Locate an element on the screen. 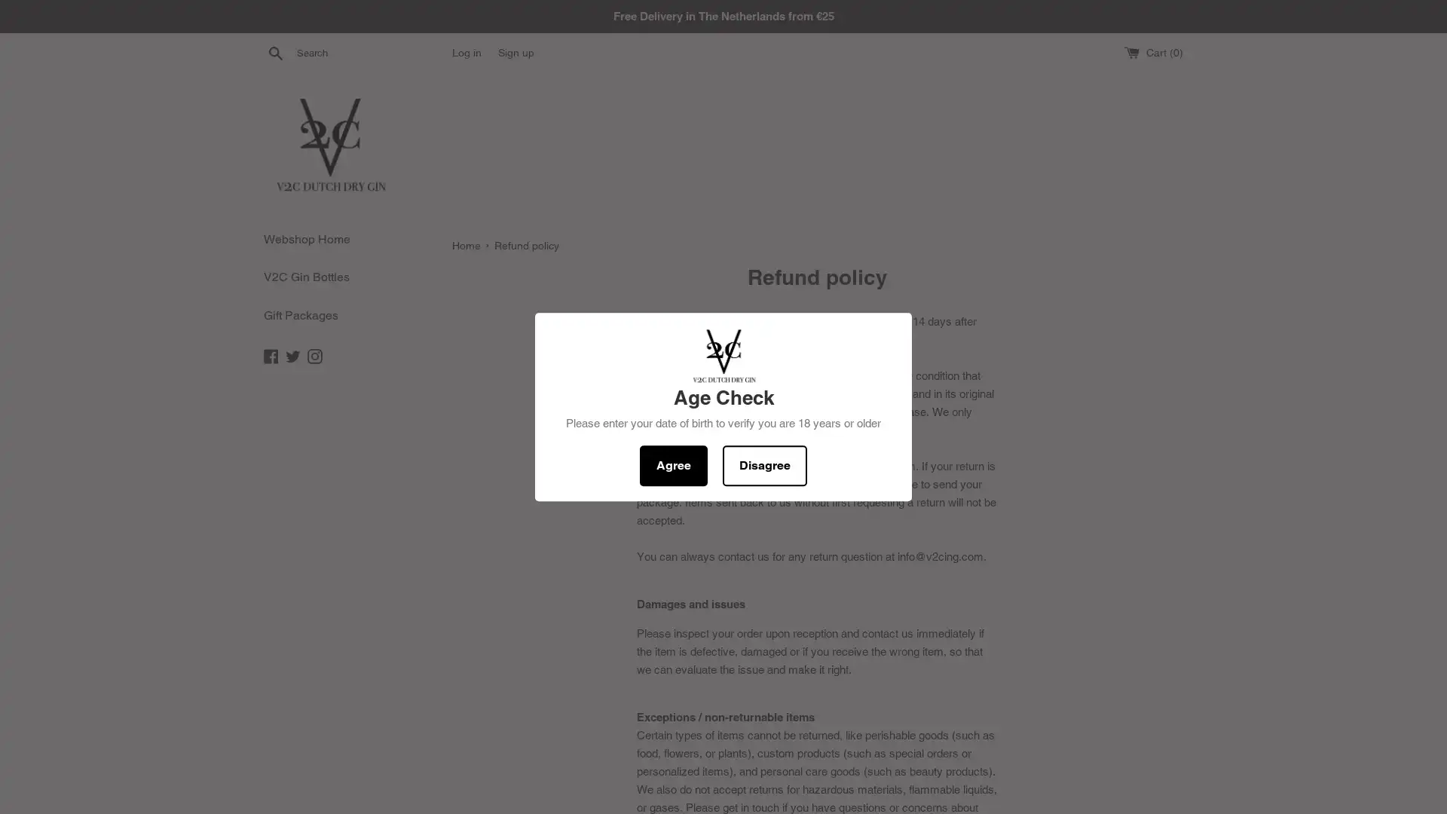 The image size is (1447, 814). Disagree is located at coordinates (764, 464).